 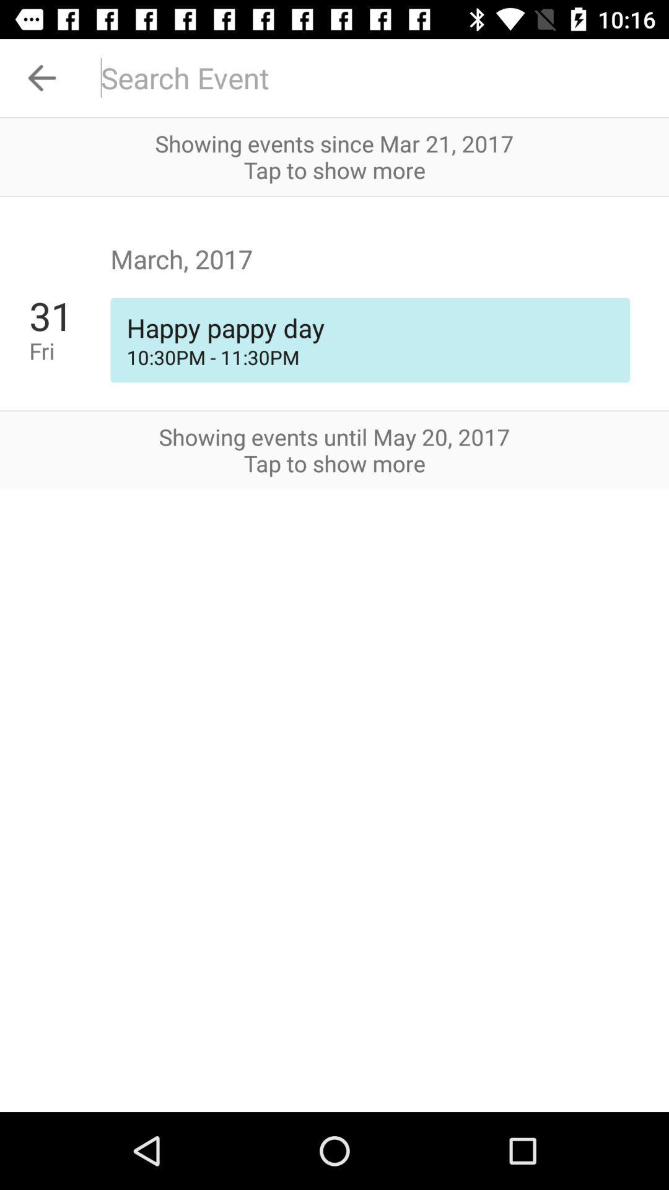 I want to click on icon below the march, 2017 app, so click(x=369, y=327).